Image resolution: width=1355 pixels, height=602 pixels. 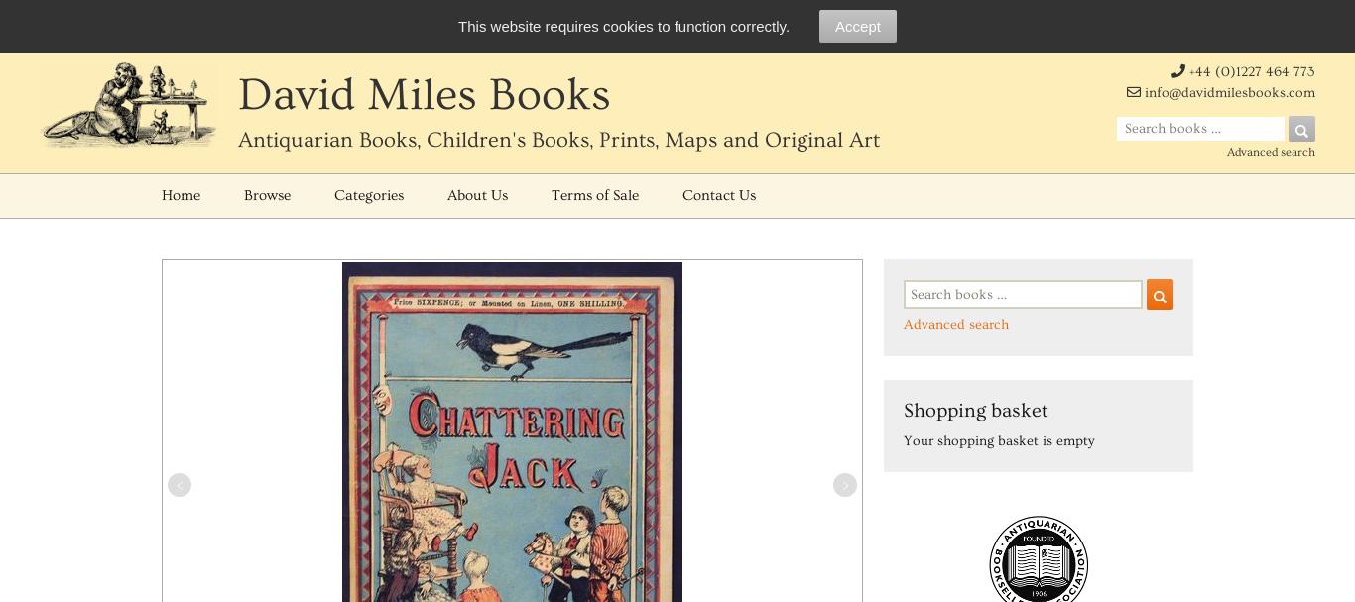 What do you see at coordinates (840, 484) in the screenshot?
I see `'>'` at bounding box center [840, 484].